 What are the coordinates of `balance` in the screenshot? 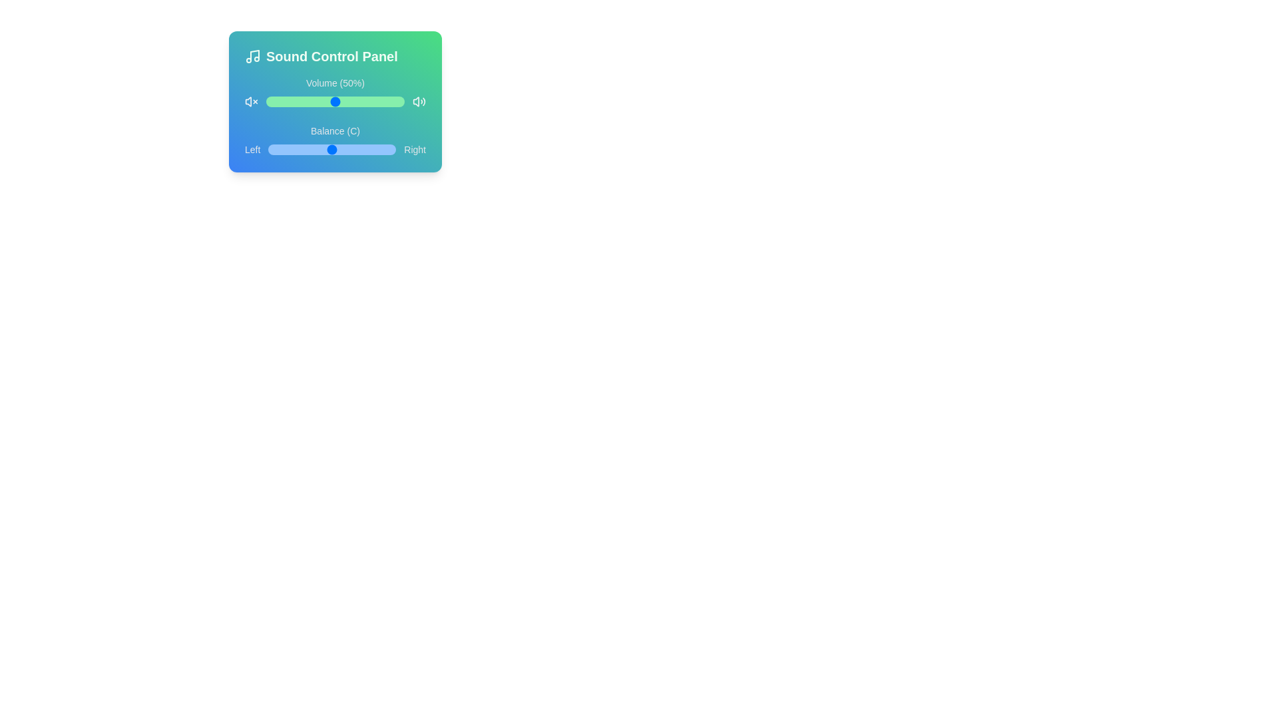 It's located at (359, 149).